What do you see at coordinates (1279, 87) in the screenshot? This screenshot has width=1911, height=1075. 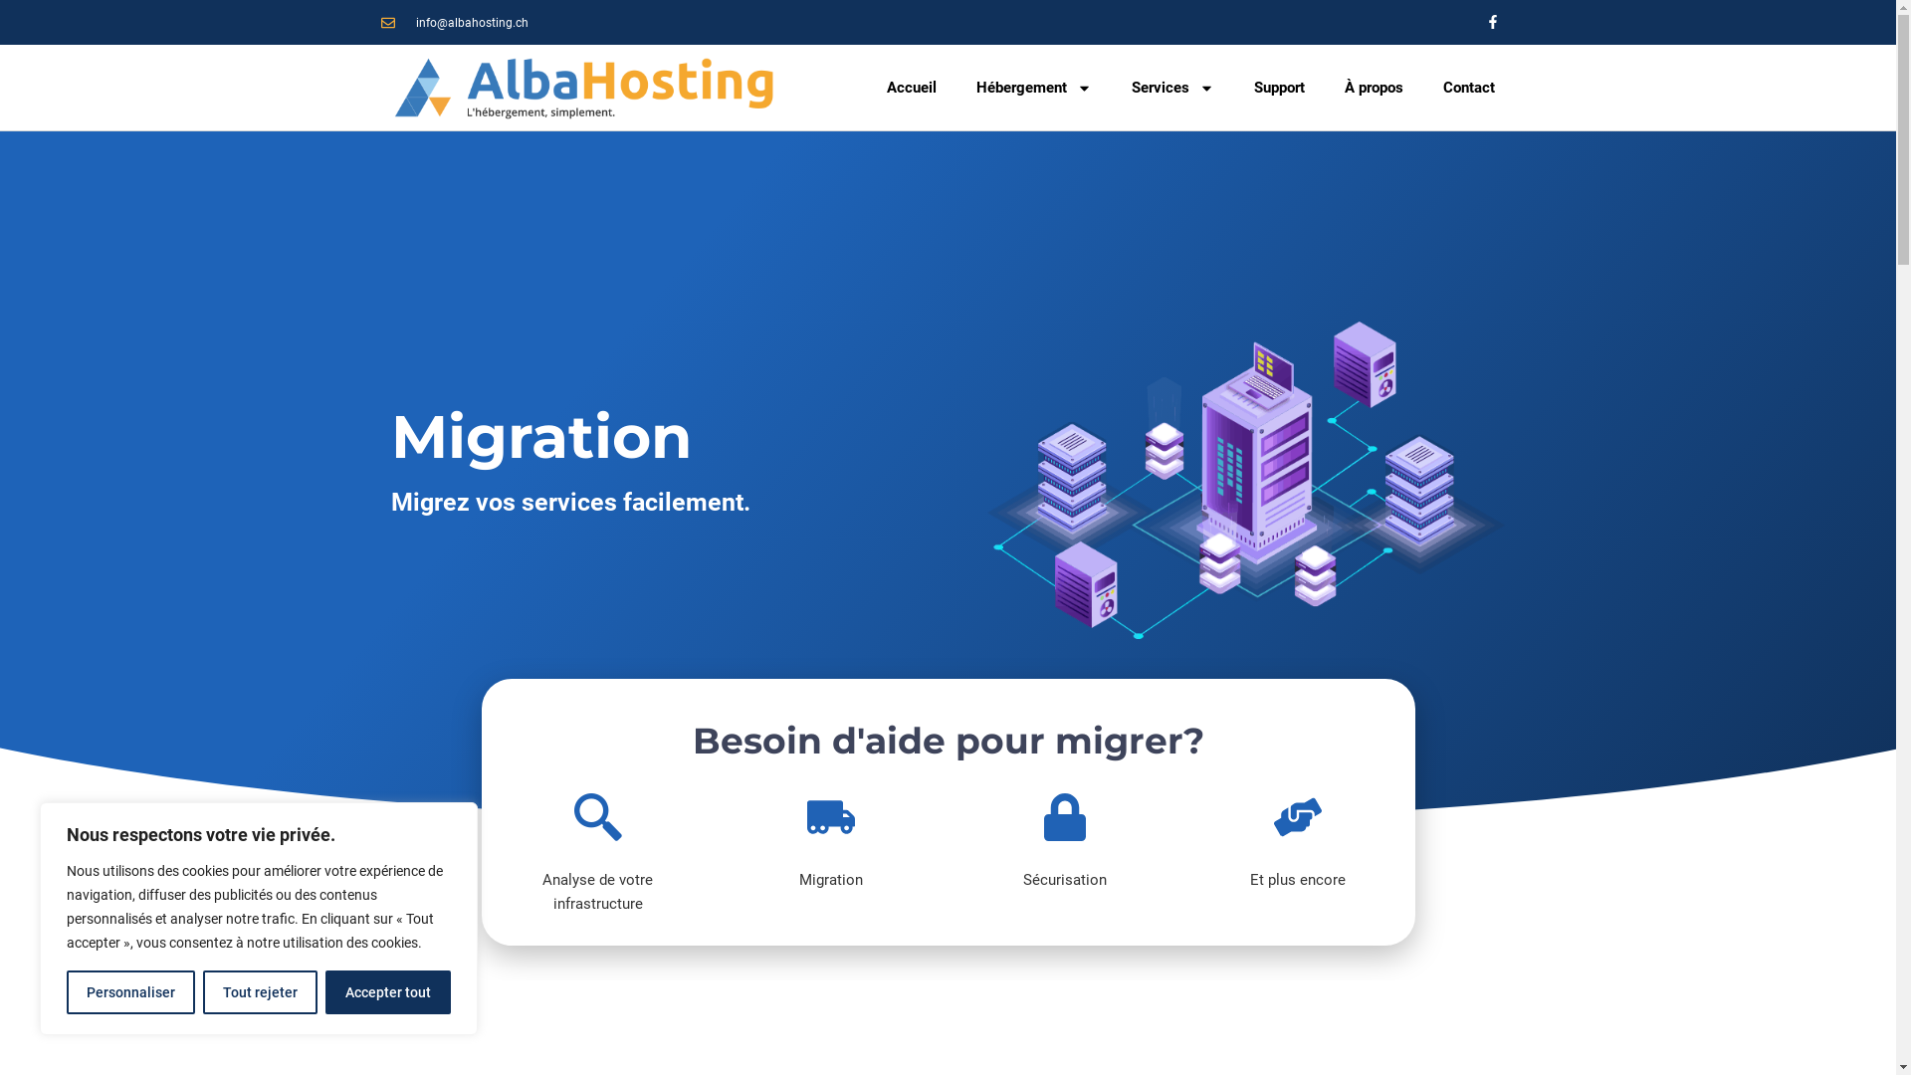 I see `'Support'` at bounding box center [1279, 87].